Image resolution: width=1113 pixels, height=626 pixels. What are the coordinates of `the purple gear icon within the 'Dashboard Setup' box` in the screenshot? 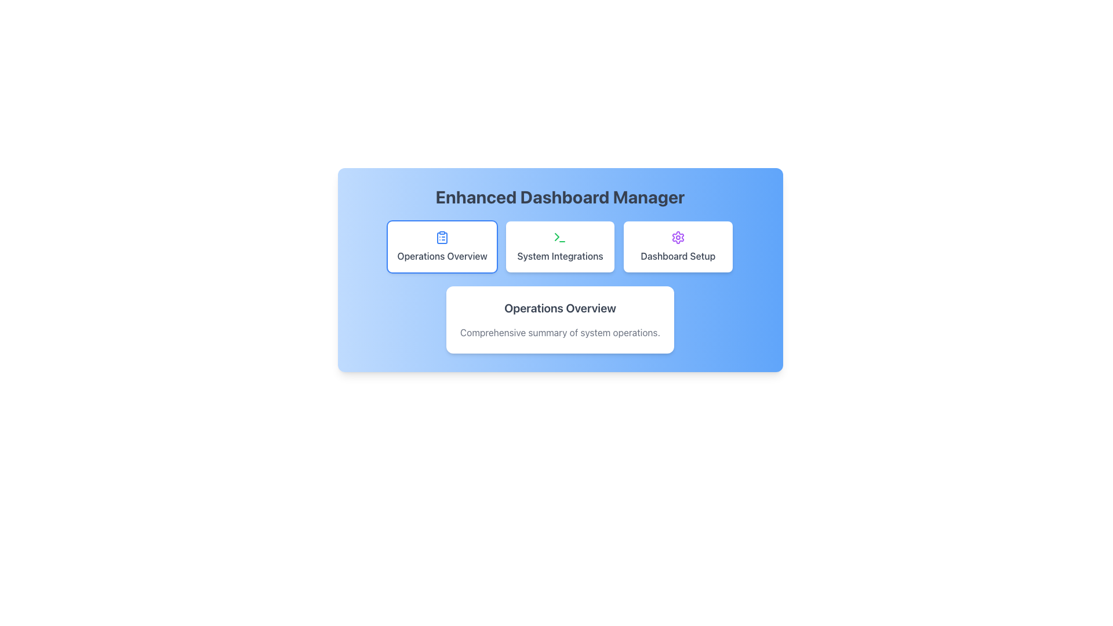 It's located at (678, 236).